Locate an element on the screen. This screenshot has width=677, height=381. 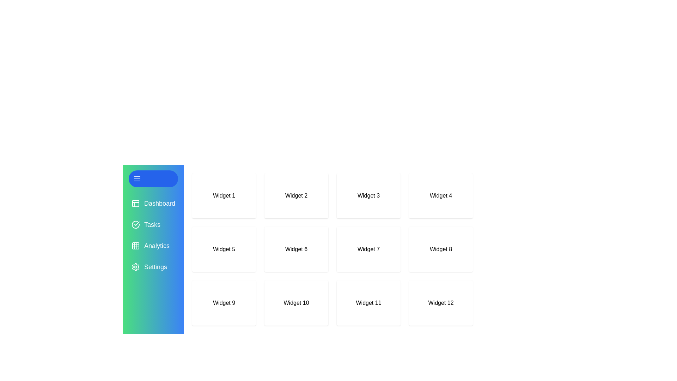
the navigation menu item Dashboard is located at coordinates (153, 204).